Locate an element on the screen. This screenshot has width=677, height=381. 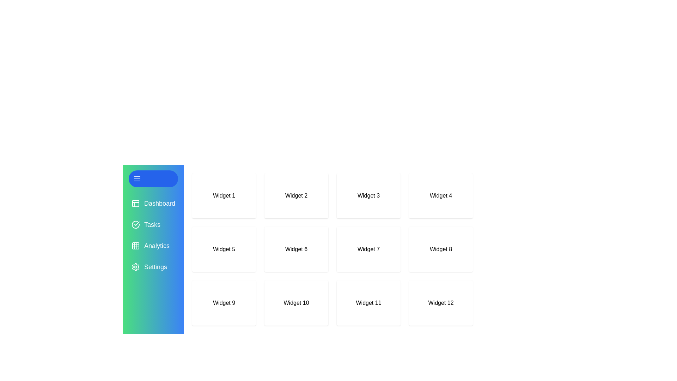
the navigation menu item Dashboard is located at coordinates (153, 204).